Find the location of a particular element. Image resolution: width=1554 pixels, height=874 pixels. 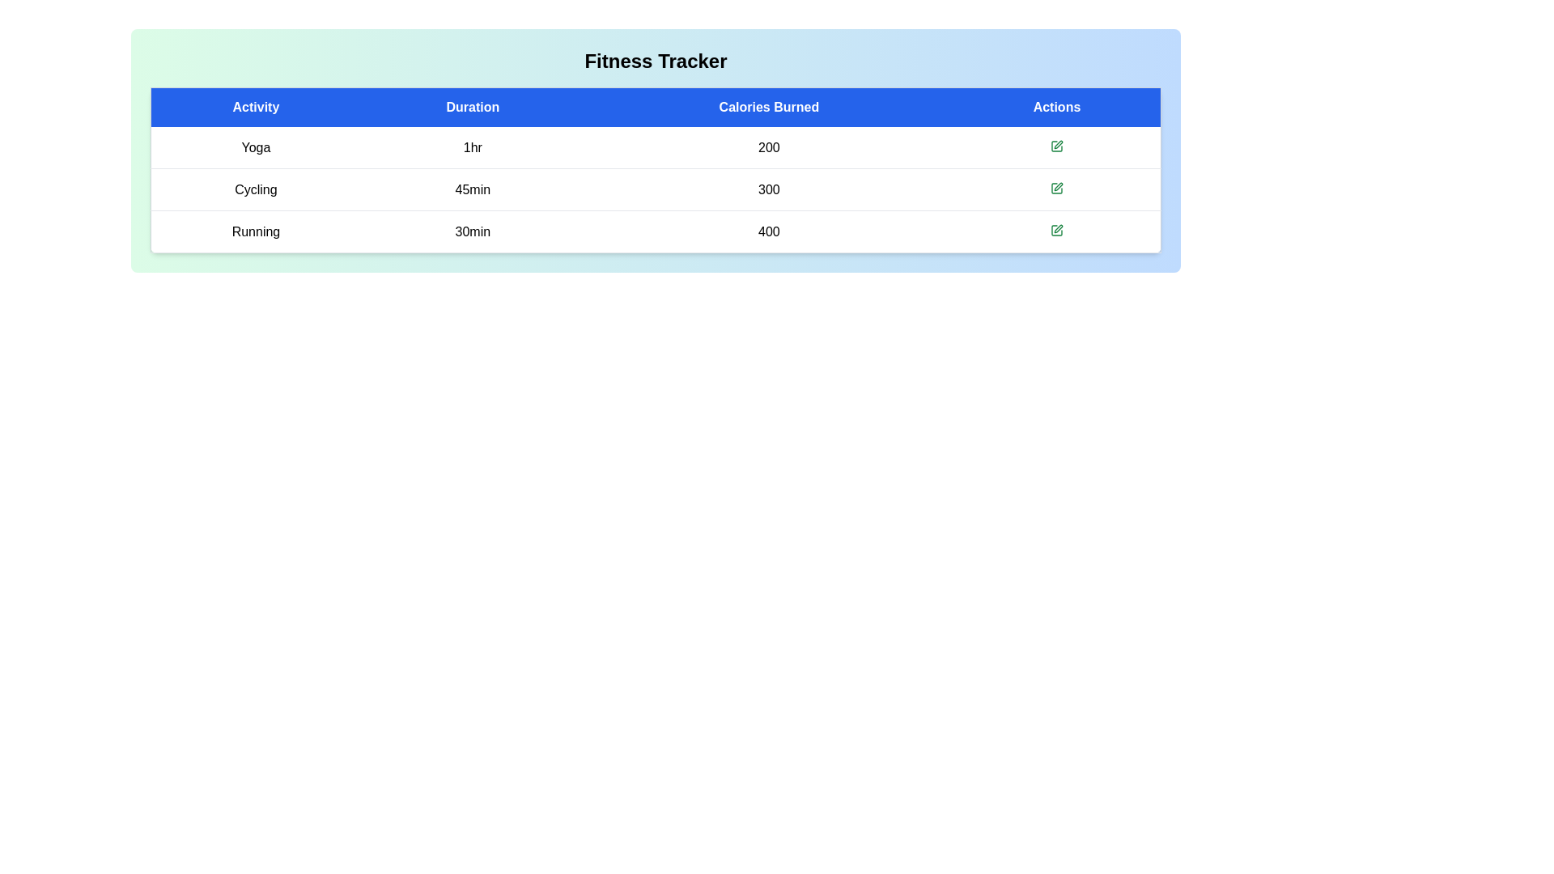

the edit button for the workout row corresponding to Running is located at coordinates (1056, 231).